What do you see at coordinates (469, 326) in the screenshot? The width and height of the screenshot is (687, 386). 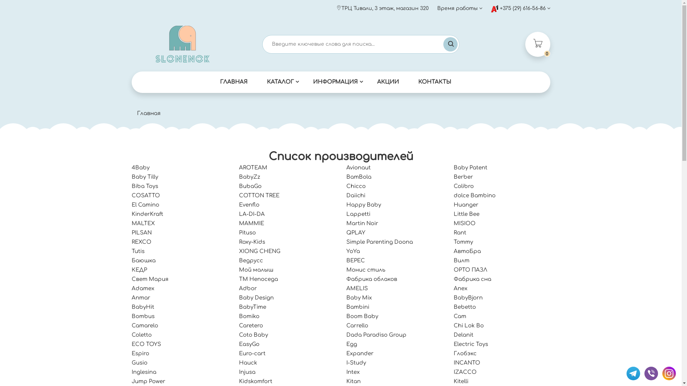 I see `'Chi Lok Bo'` at bounding box center [469, 326].